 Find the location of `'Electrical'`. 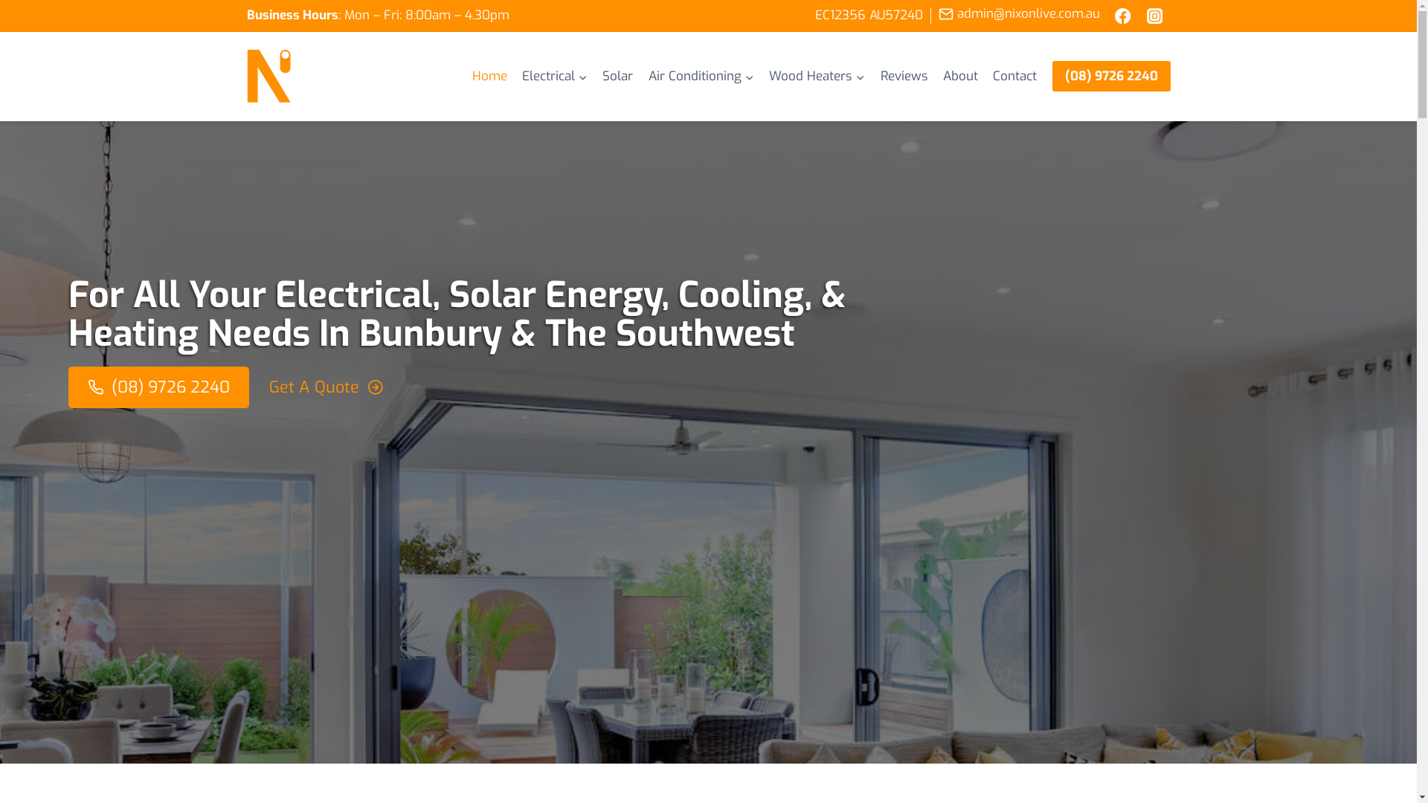

'Electrical' is located at coordinates (553, 75).